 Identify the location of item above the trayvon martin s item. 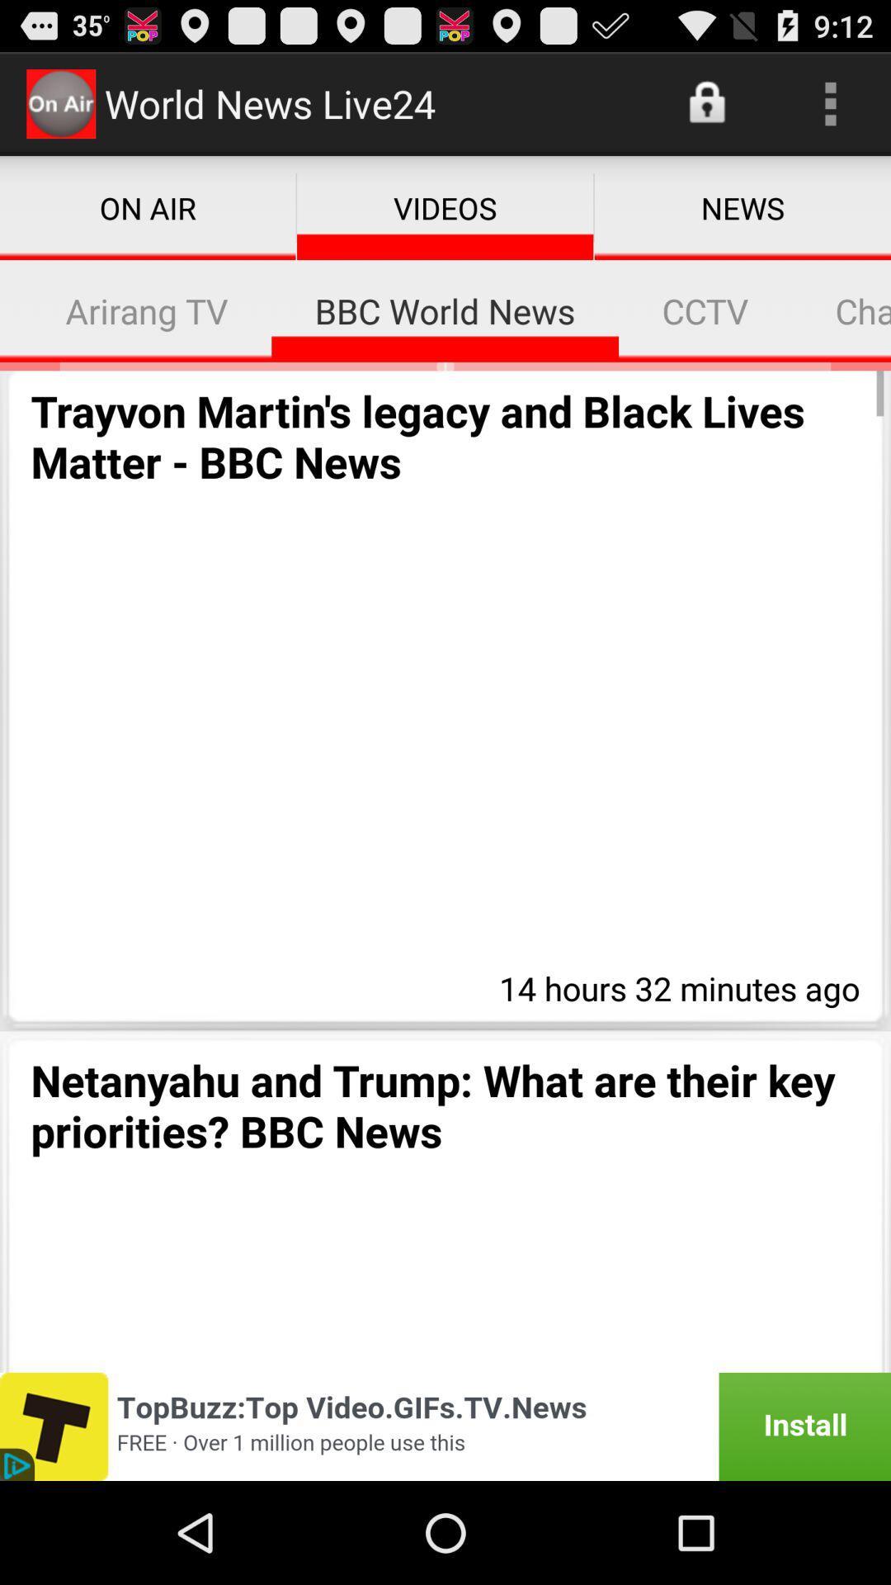
(146, 310).